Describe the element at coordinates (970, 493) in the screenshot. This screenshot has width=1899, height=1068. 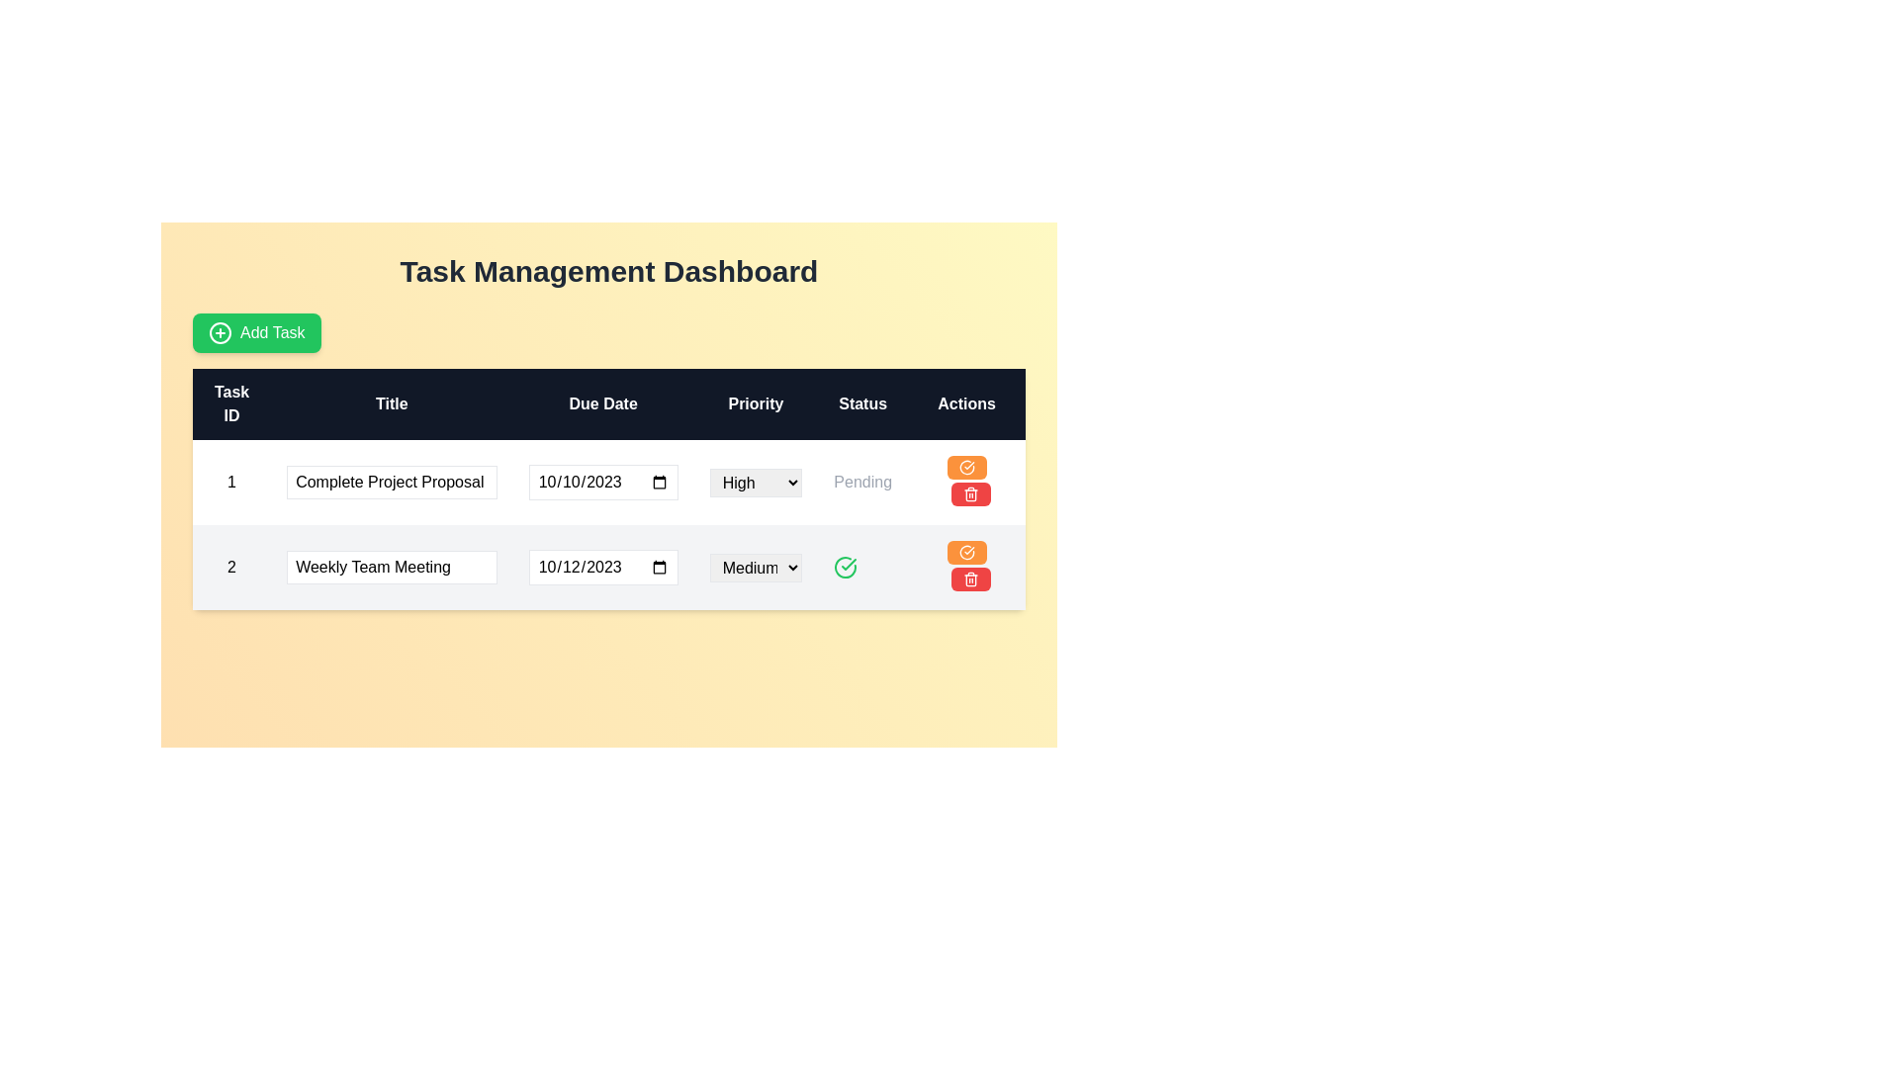
I see `the delete button located in the third column labeled 'Actions' in the second row of the task management table` at that location.